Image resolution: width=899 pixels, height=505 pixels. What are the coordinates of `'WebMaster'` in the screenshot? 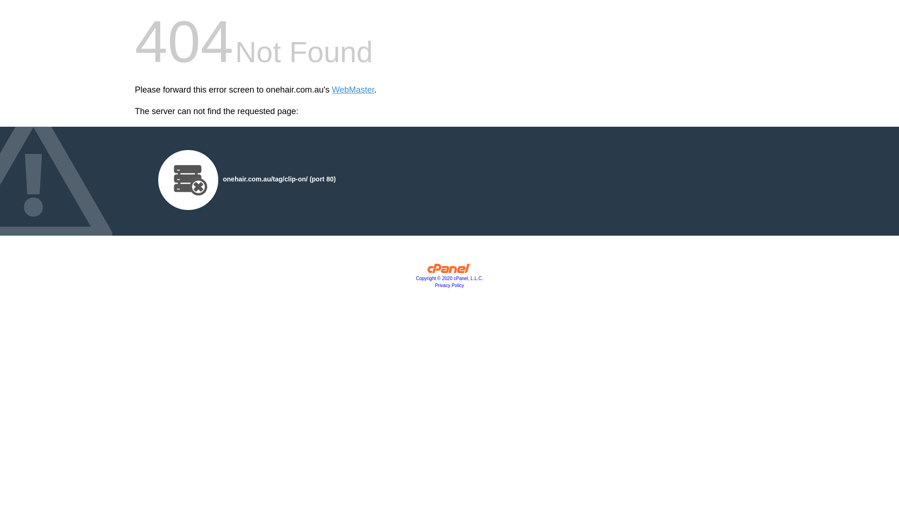 It's located at (353, 90).